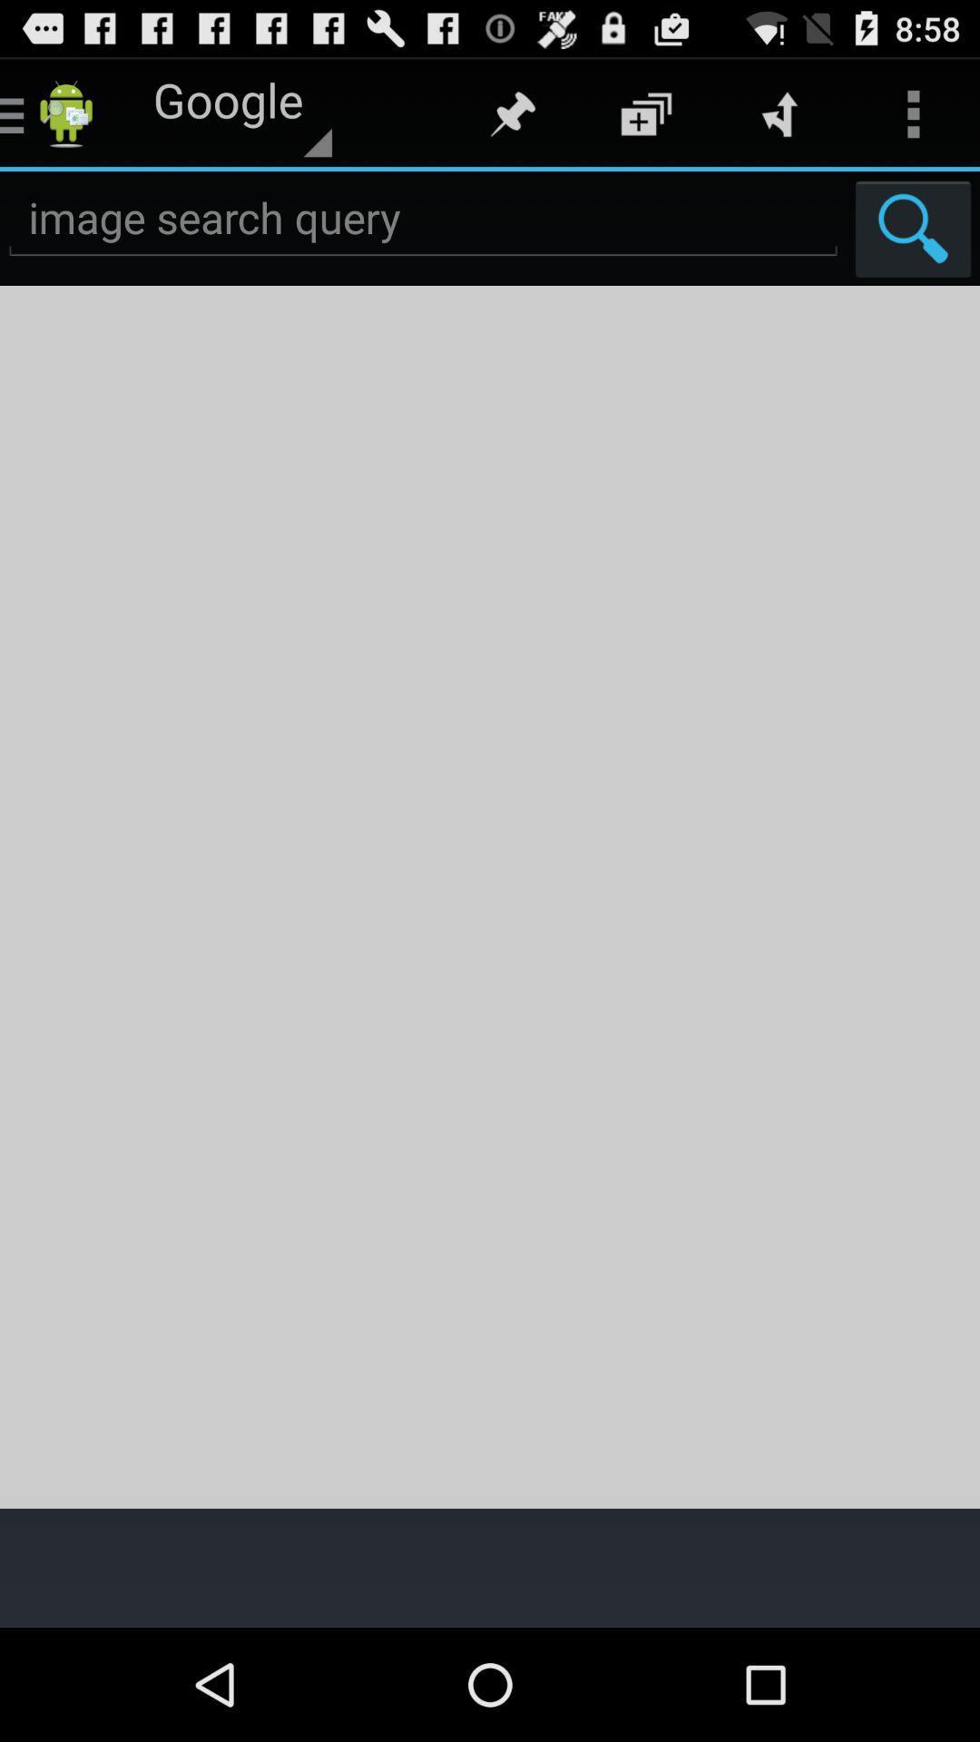  I want to click on search button, so click(913, 228).